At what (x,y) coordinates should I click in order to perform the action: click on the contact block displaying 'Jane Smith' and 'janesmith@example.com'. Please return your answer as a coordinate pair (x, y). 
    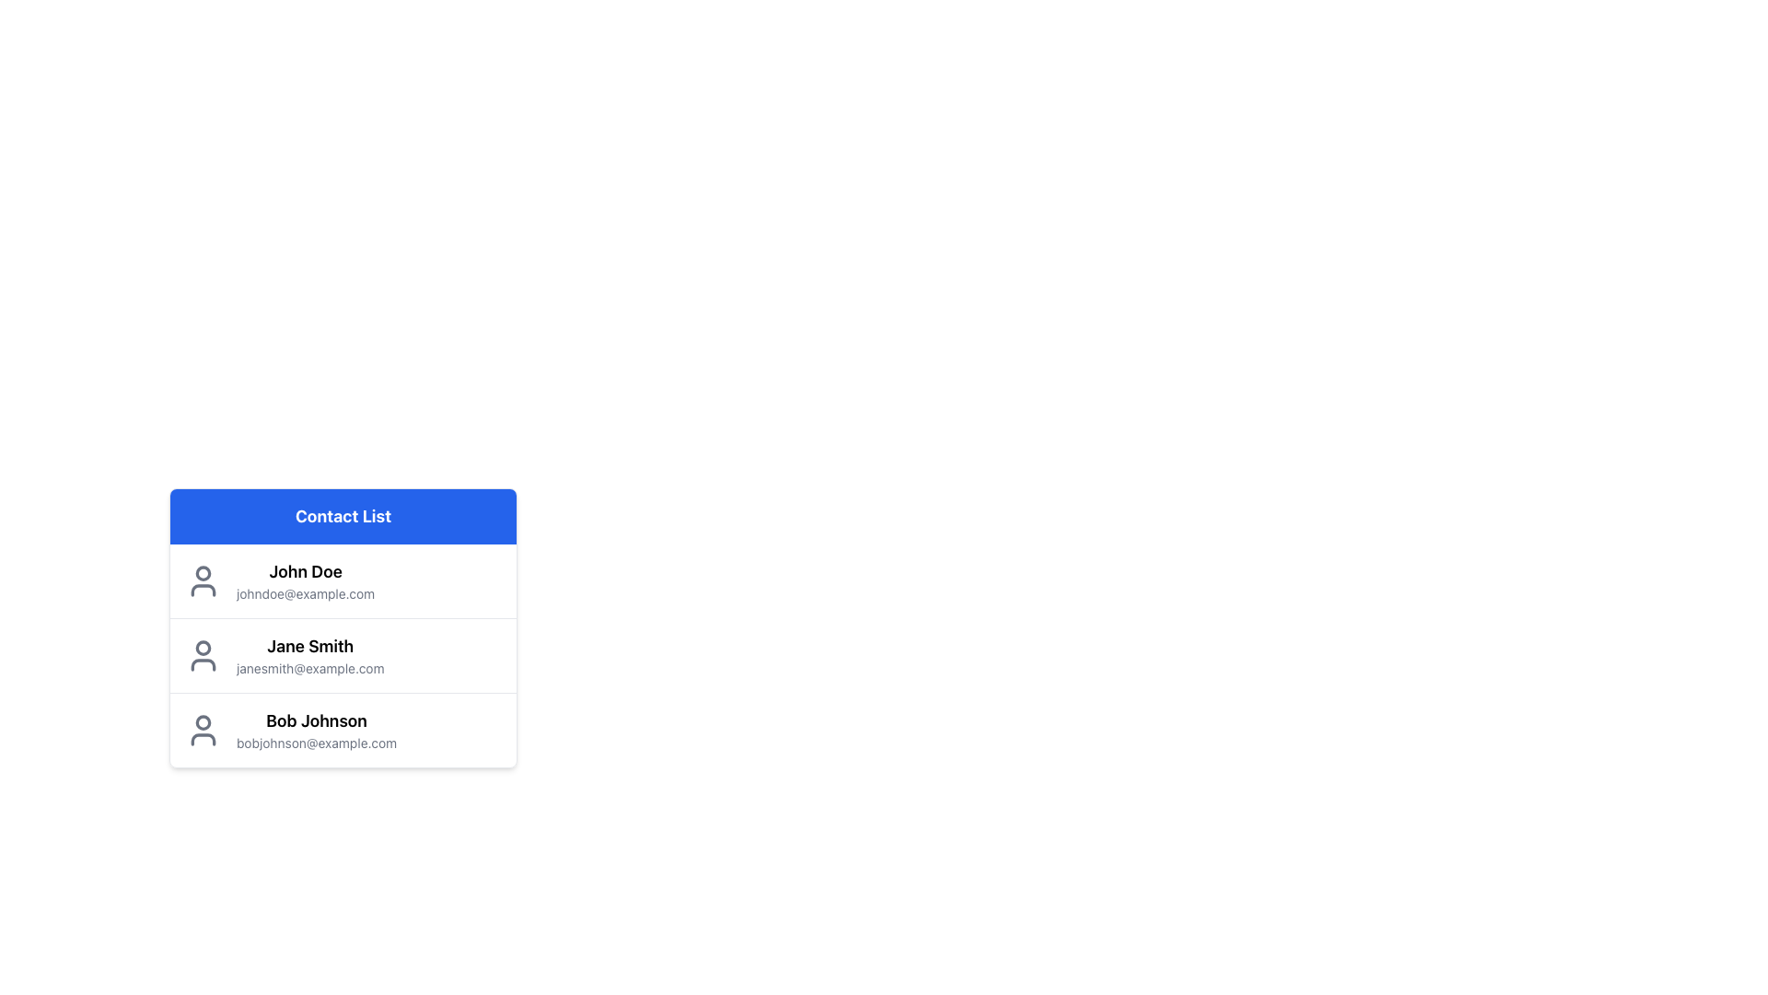
    Looking at the image, I should click on (310, 655).